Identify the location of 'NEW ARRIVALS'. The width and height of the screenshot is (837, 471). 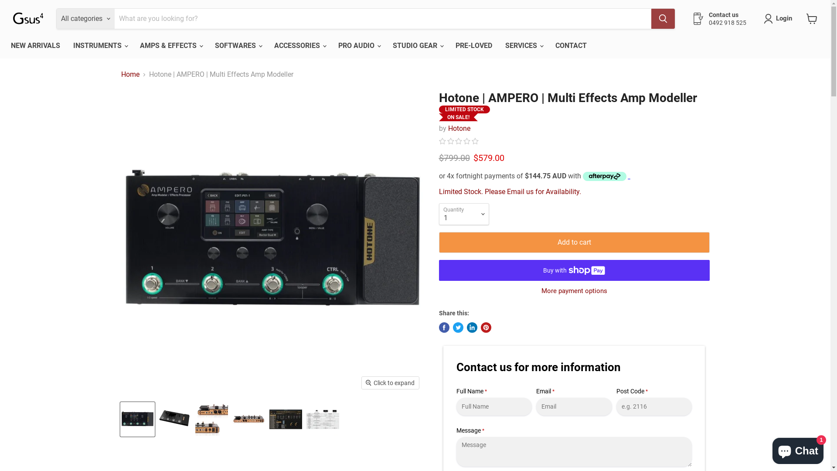
(35, 45).